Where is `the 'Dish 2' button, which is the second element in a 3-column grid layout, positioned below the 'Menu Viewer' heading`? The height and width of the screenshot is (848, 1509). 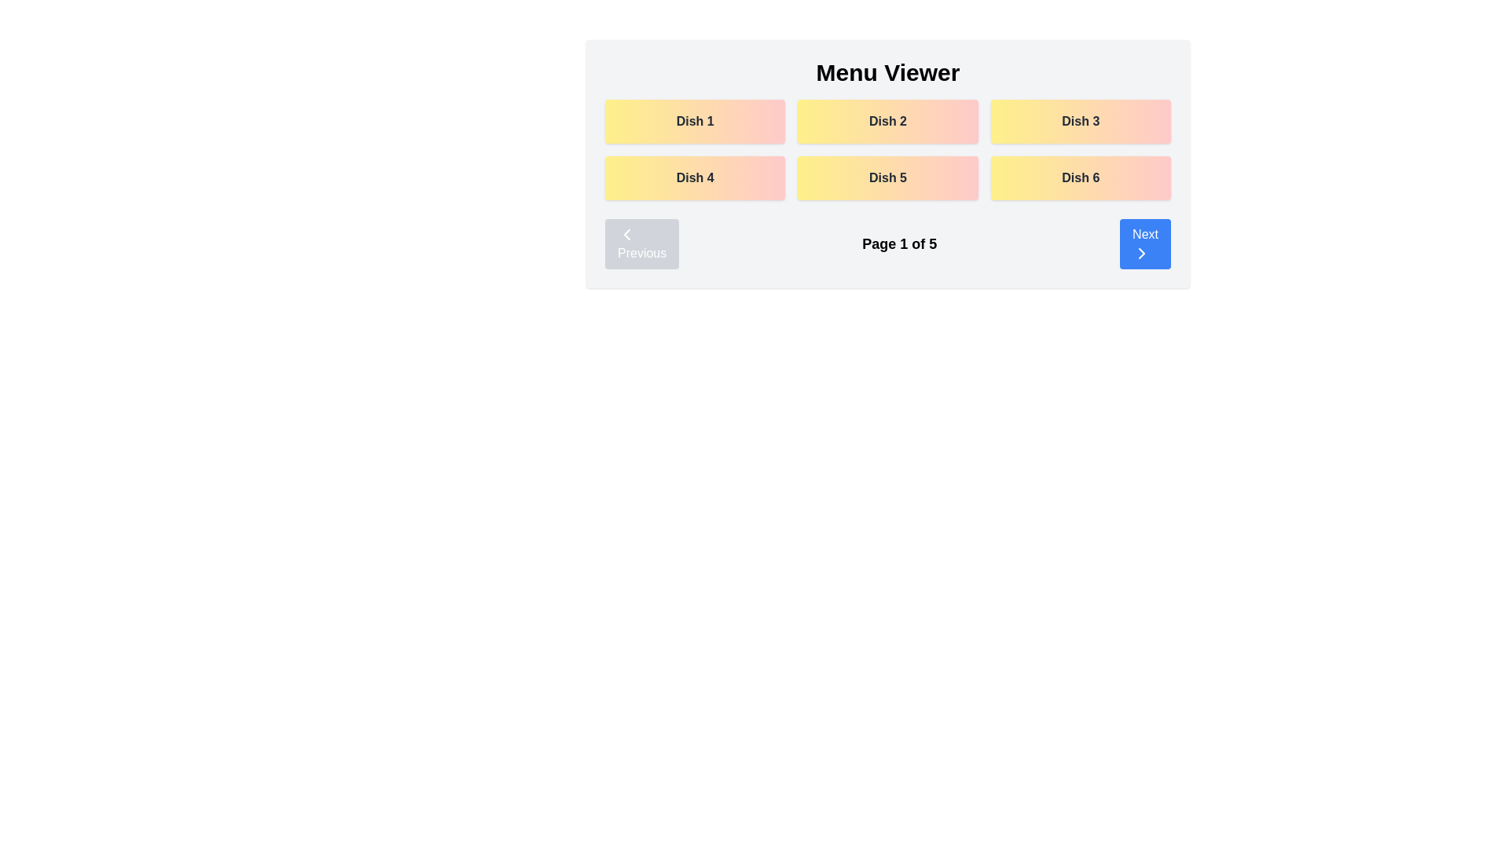 the 'Dish 2' button, which is the second element in a 3-column grid layout, positioned below the 'Menu Viewer' heading is located at coordinates (887, 120).